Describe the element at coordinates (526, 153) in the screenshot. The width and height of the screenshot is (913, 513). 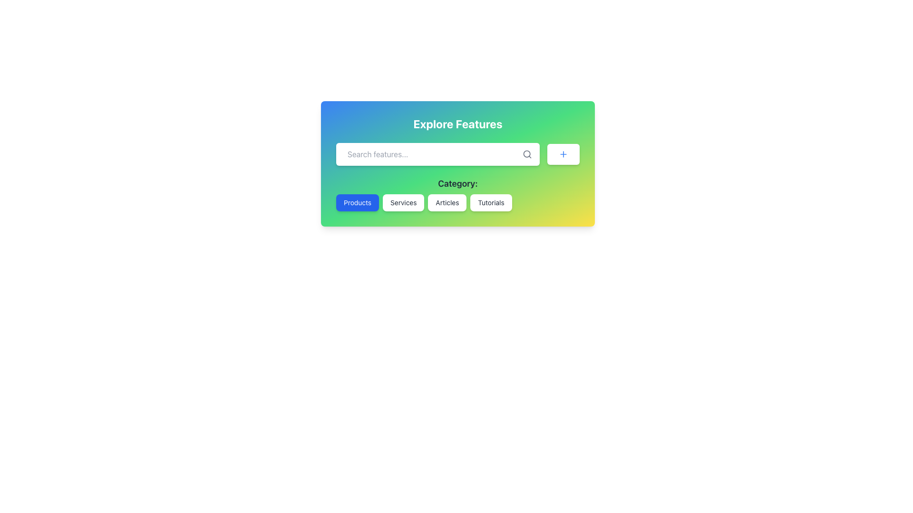
I see `the magnifying glass icon located in the top-right corner of the search input field` at that location.